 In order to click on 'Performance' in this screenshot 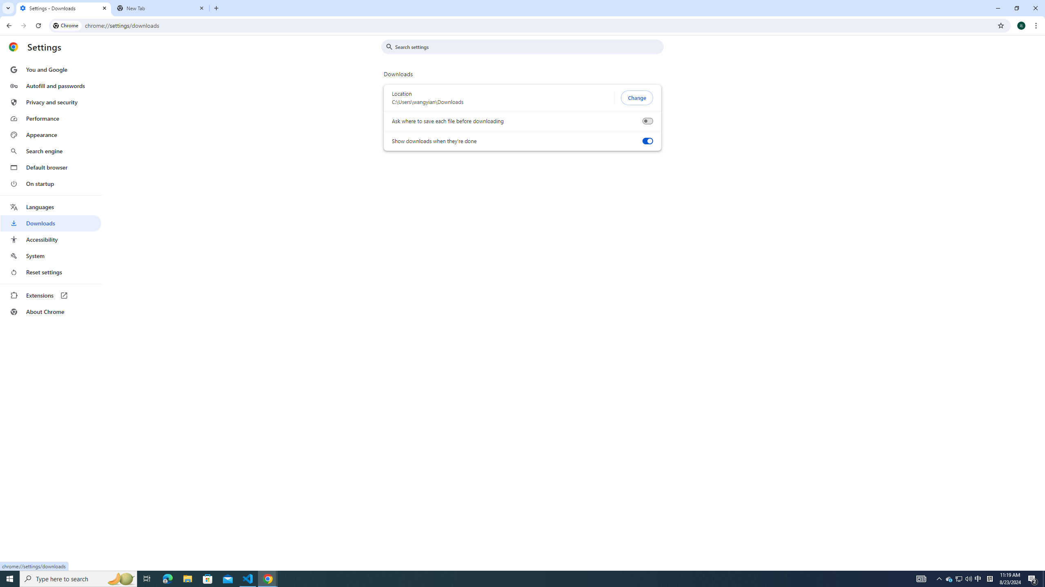, I will do `click(50, 118)`.